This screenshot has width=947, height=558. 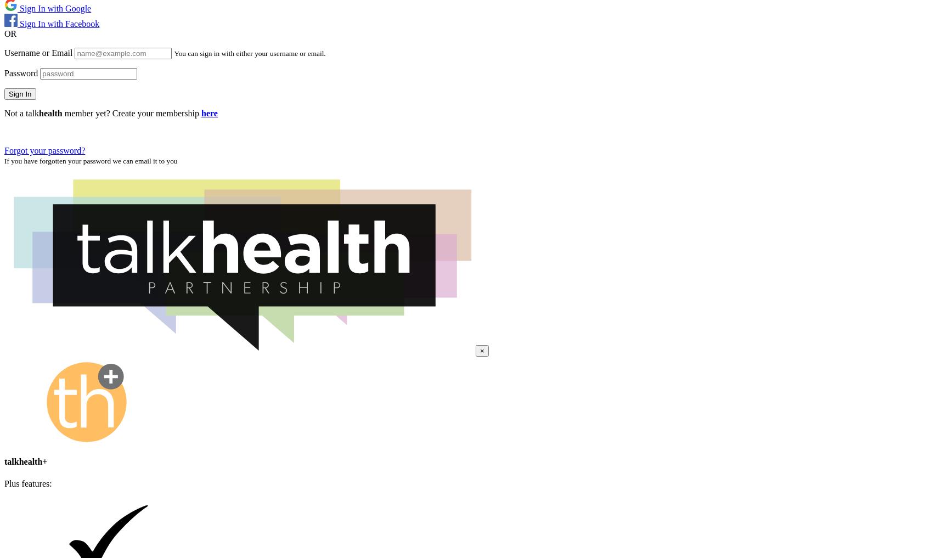 What do you see at coordinates (49, 112) in the screenshot?
I see `'health'` at bounding box center [49, 112].